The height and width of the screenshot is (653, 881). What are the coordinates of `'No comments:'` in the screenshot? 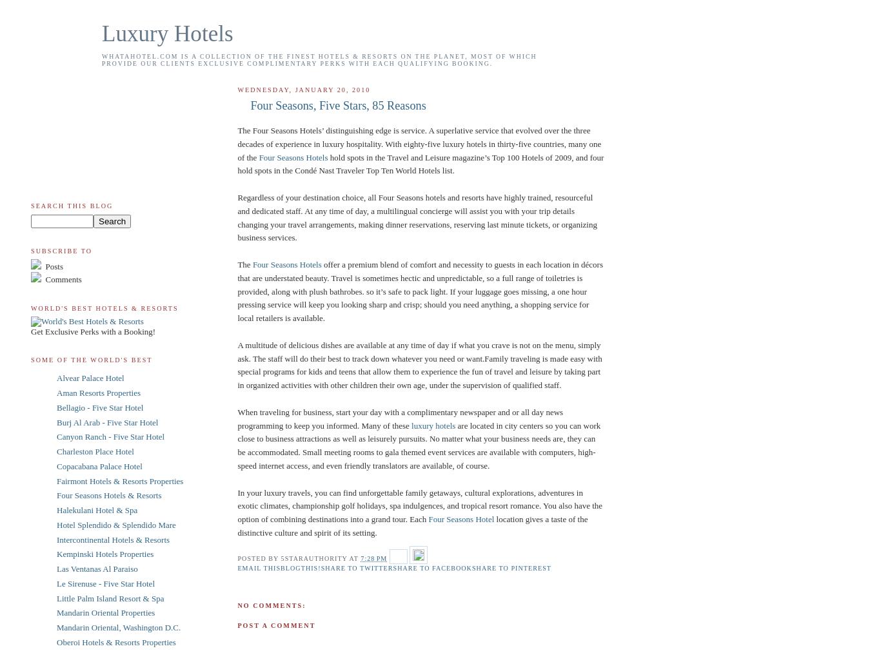 It's located at (271, 605).